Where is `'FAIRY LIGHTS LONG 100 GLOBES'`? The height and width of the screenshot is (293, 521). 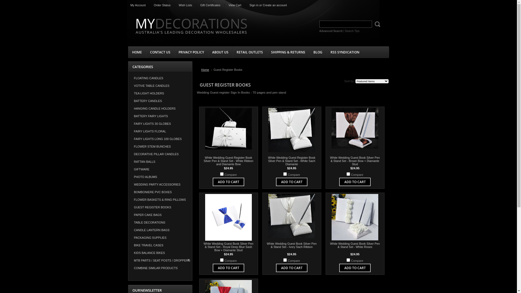
'FAIRY LIGHTS LONG 100 GLOBES' is located at coordinates (128, 139).